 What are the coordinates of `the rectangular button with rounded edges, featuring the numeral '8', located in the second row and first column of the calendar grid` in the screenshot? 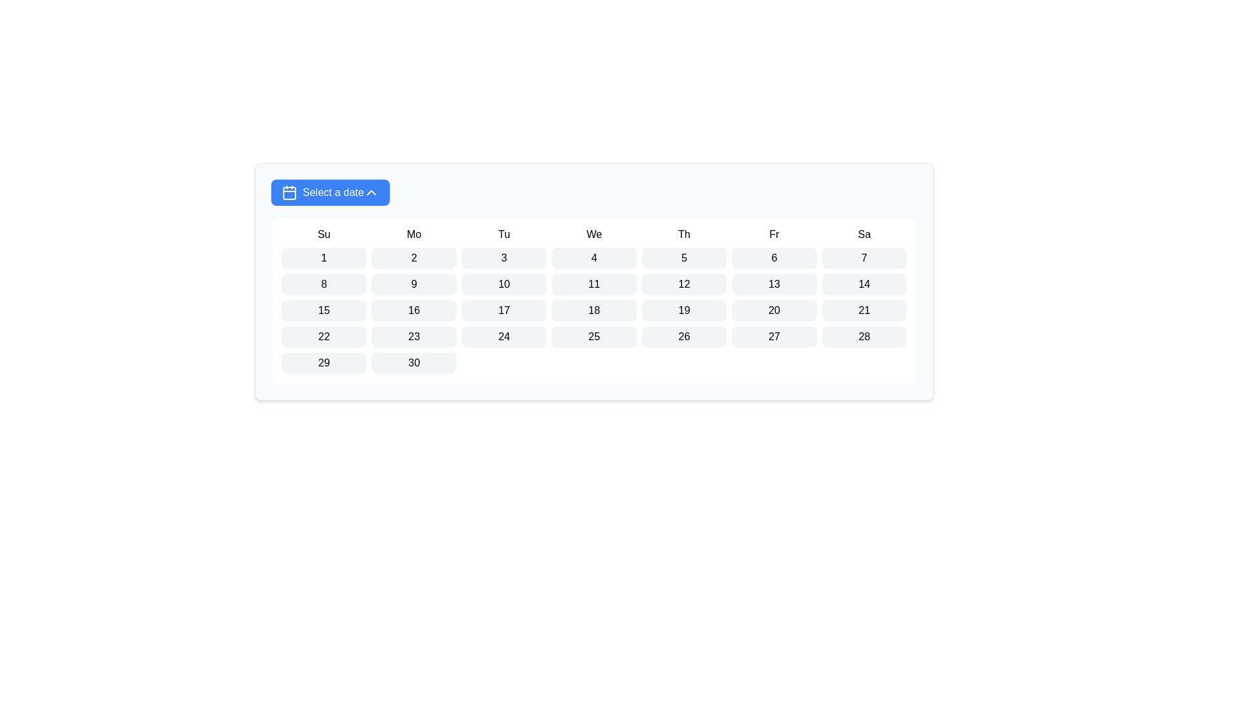 It's located at (324, 284).